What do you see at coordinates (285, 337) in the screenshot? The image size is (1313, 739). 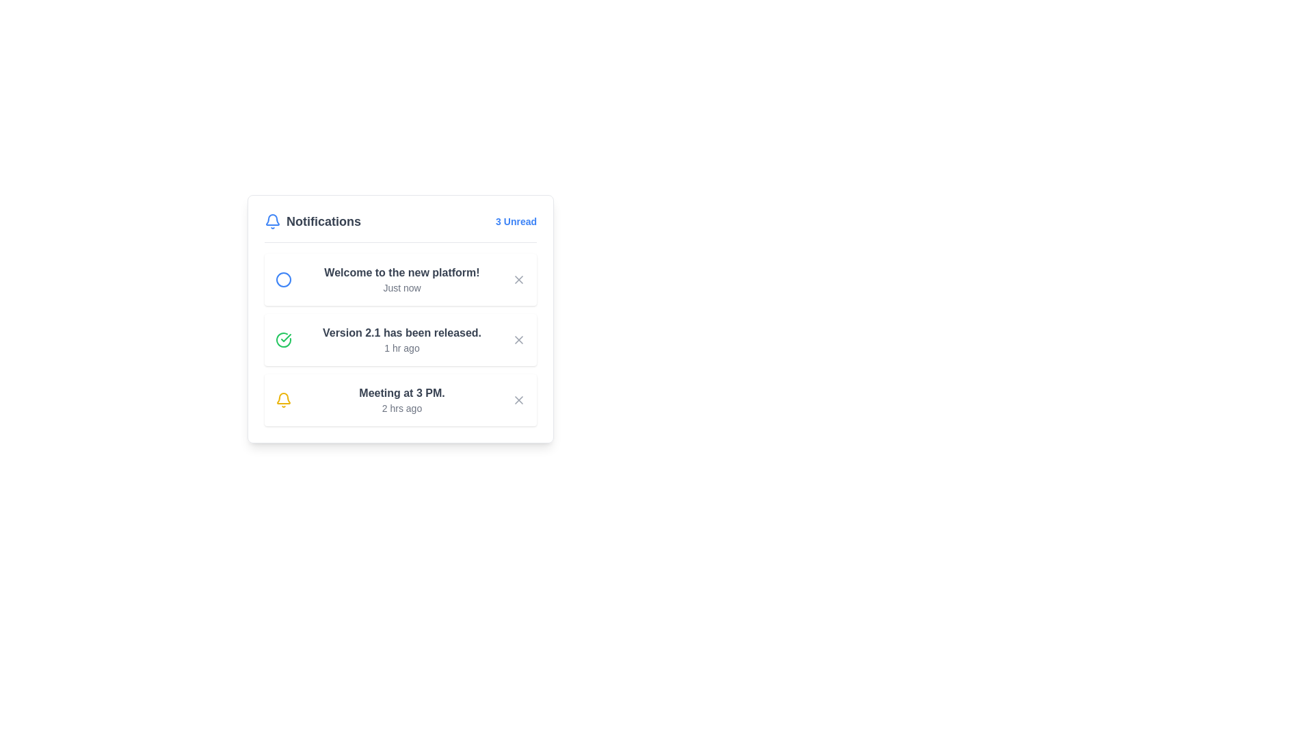 I see `the green checkmark icon within the circular badge that indicates 'Version 2.1 has been released'` at bounding box center [285, 337].